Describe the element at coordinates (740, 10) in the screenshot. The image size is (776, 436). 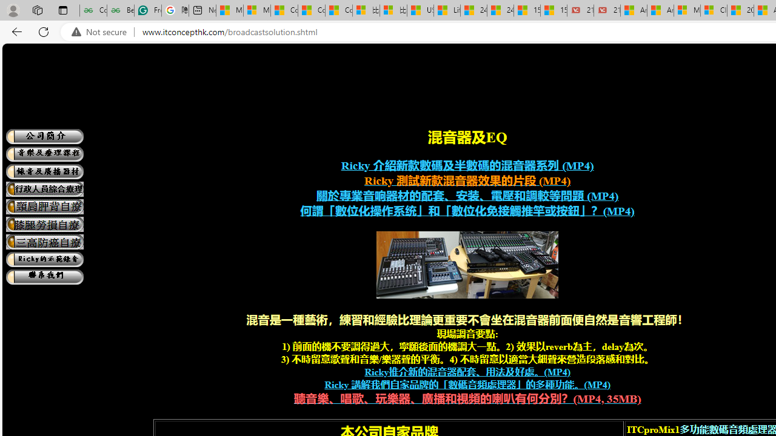
I see `'20 Ways to Boost Your Protein Intake at Every Meal'` at that location.